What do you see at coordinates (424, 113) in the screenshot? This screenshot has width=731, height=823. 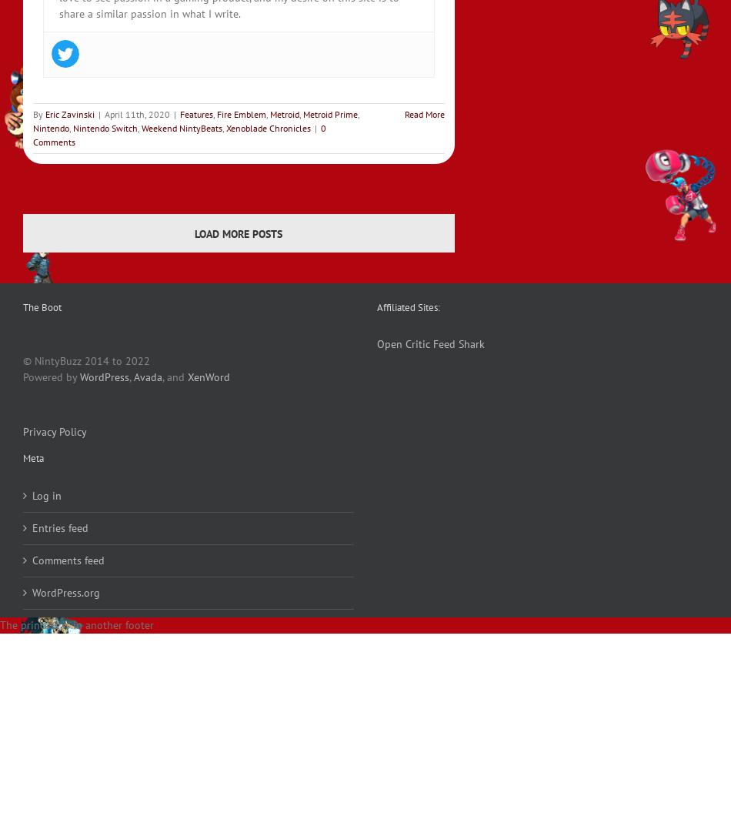 I see `'Read More'` at bounding box center [424, 113].